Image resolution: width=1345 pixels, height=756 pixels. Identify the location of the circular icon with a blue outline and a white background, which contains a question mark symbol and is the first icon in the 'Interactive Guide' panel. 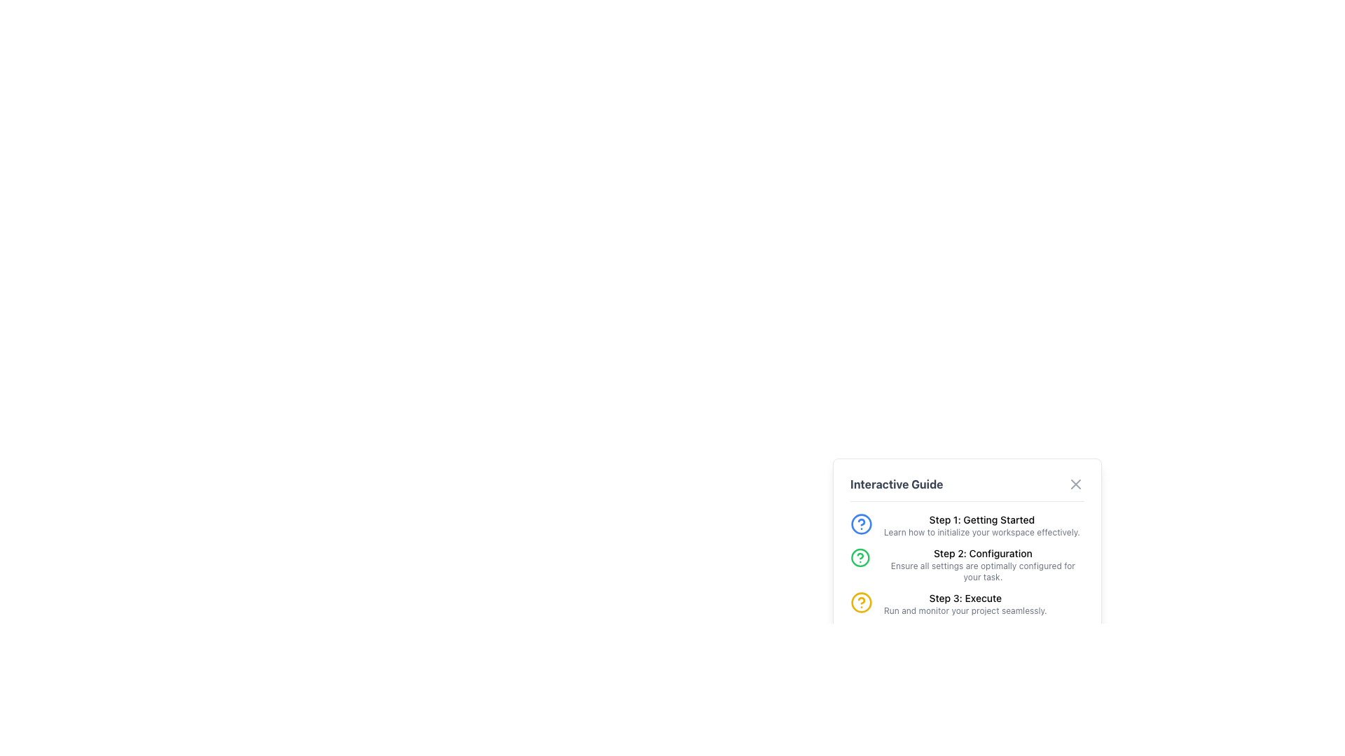
(860, 524).